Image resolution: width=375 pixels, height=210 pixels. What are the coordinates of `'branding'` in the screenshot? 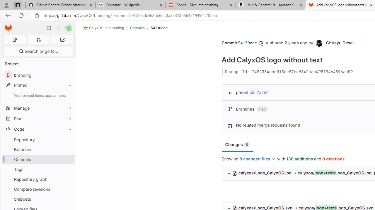 It's located at (117, 28).